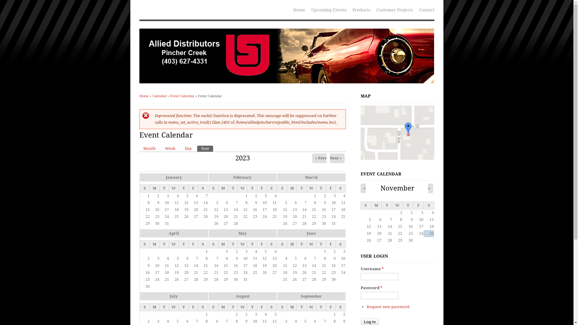  Describe the element at coordinates (169, 233) in the screenshot. I see `'April'` at that location.